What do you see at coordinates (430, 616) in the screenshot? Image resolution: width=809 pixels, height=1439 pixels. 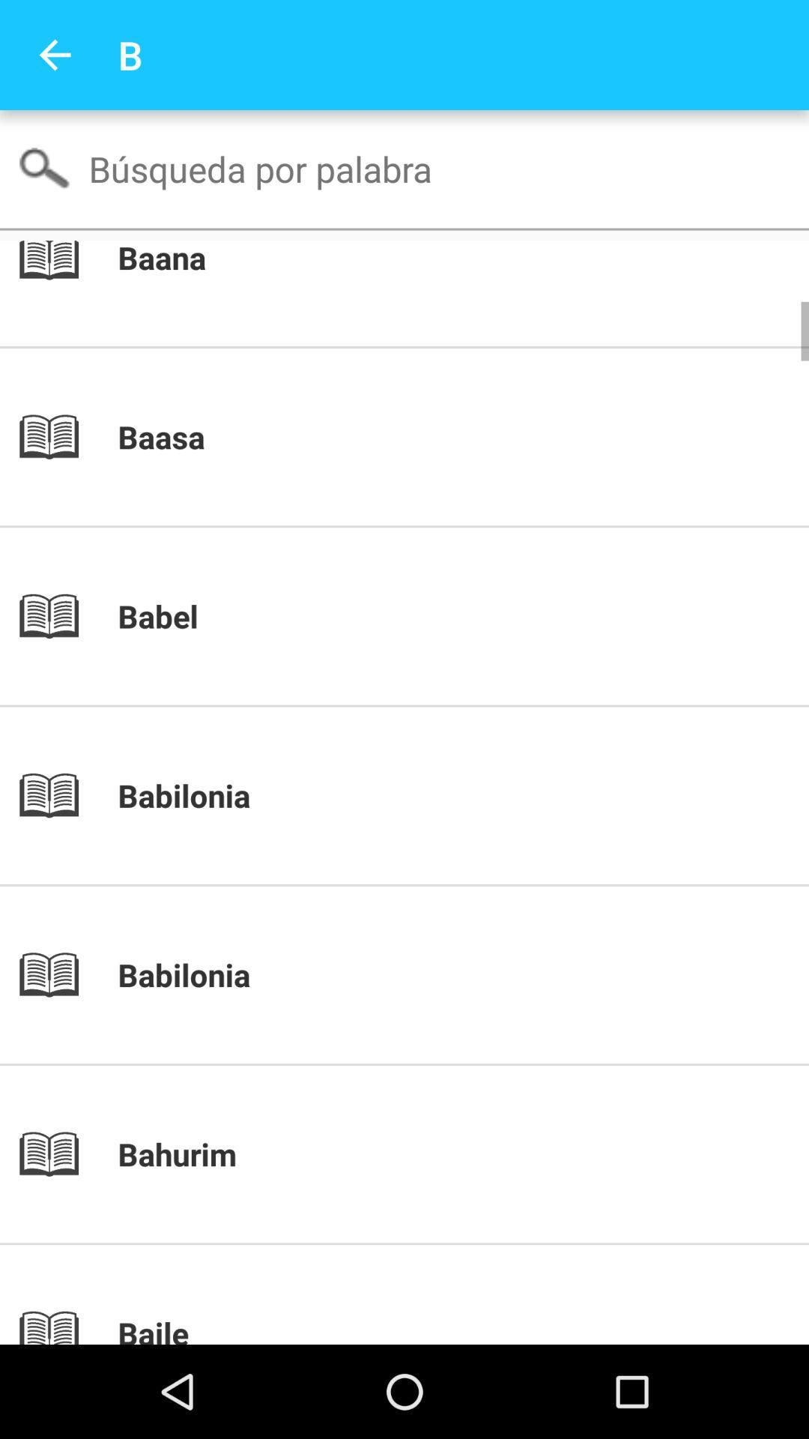 I see `the babel app` at bounding box center [430, 616].